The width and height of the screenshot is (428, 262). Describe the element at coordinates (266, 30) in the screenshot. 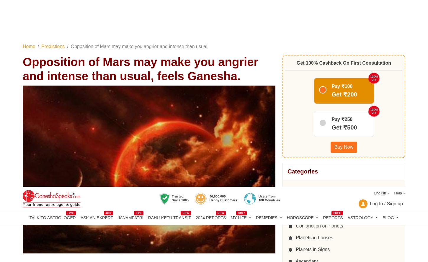

I see `'REMEDIES'` at that location.